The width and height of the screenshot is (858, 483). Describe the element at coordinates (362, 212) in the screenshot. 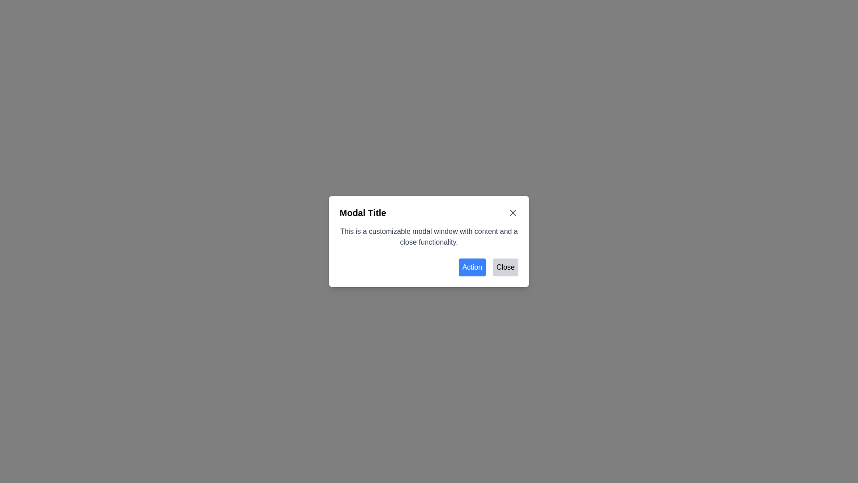

I see `header text element located at the top-left corner of the modal window to understand its purpose` at that location.